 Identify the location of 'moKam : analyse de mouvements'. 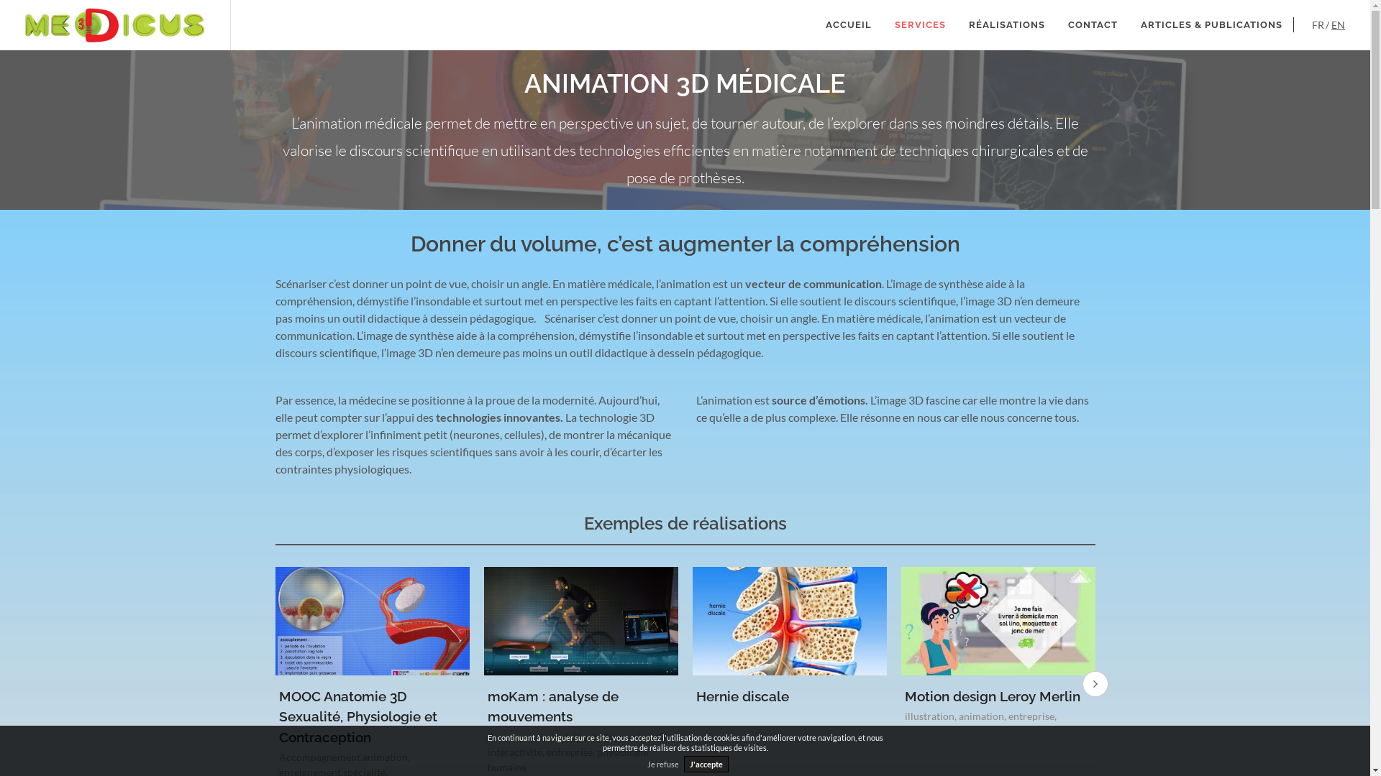
(552, 706).